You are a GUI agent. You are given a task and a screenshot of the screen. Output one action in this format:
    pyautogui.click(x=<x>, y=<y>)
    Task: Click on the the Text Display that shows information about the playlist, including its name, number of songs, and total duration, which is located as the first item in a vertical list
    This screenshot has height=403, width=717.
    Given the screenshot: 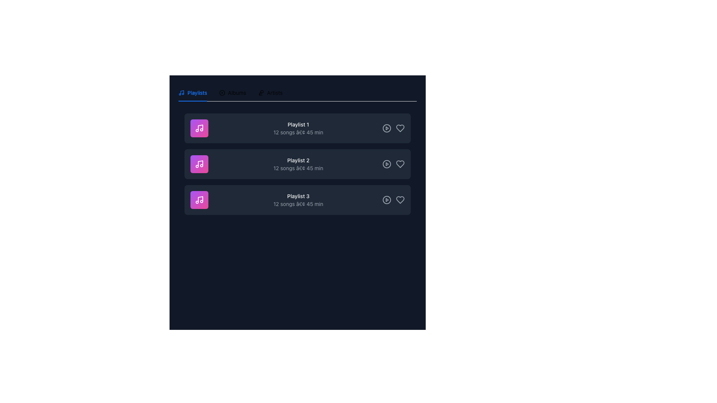 What is the action you would take?
    pyautogui.click(x=298, y=128)
    